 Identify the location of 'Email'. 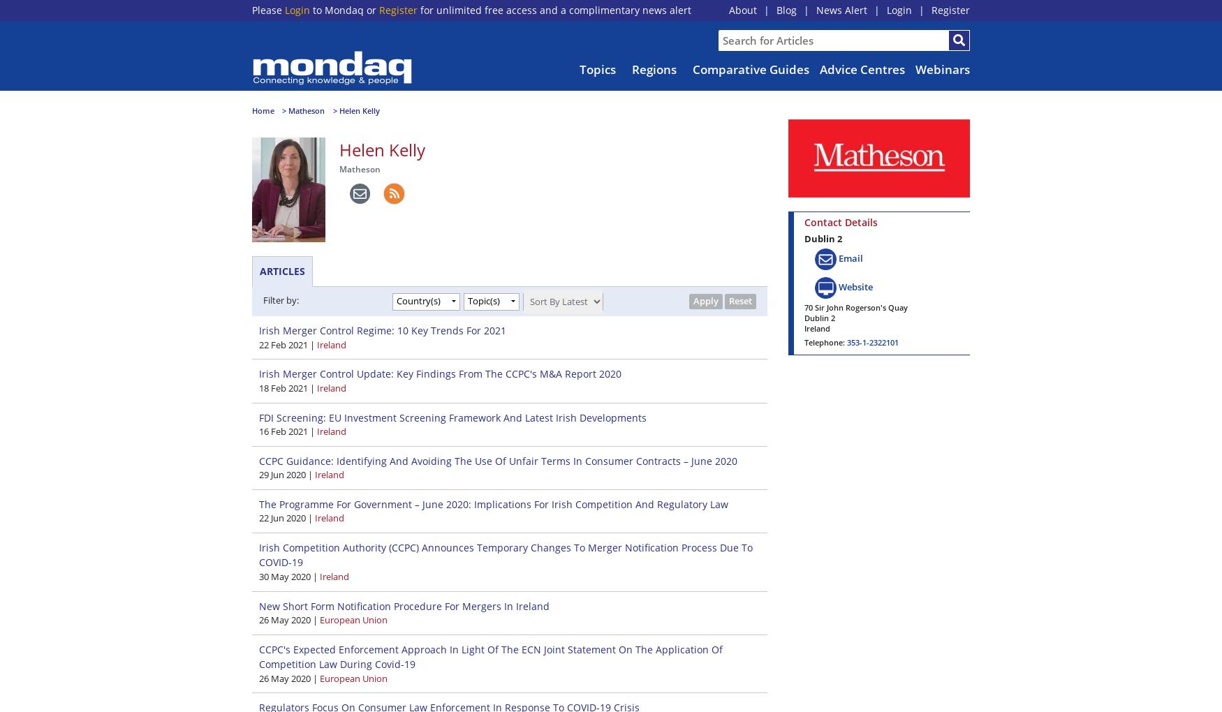
(849, 257).